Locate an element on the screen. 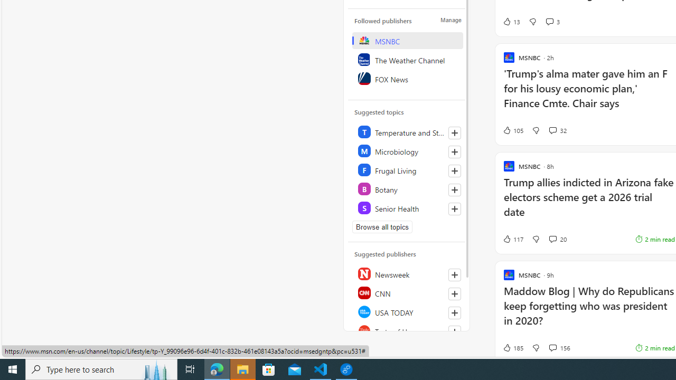 Image resolution: width=676 pixels, height=380 pixels. 'Manage' is located at coordinates (451, 20).